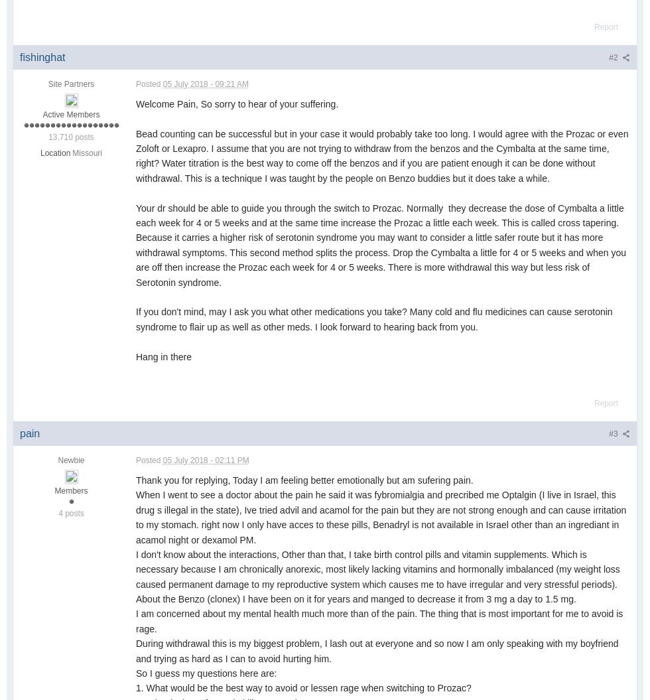 The height and width of the screenshot is (700, 650). What do you see at coordinates (305, 479) in the screenshot?
I see `'Thank you for replying, Today I am feeling better emotionally but am sufering pain.'` at bounding box center [305, 479].